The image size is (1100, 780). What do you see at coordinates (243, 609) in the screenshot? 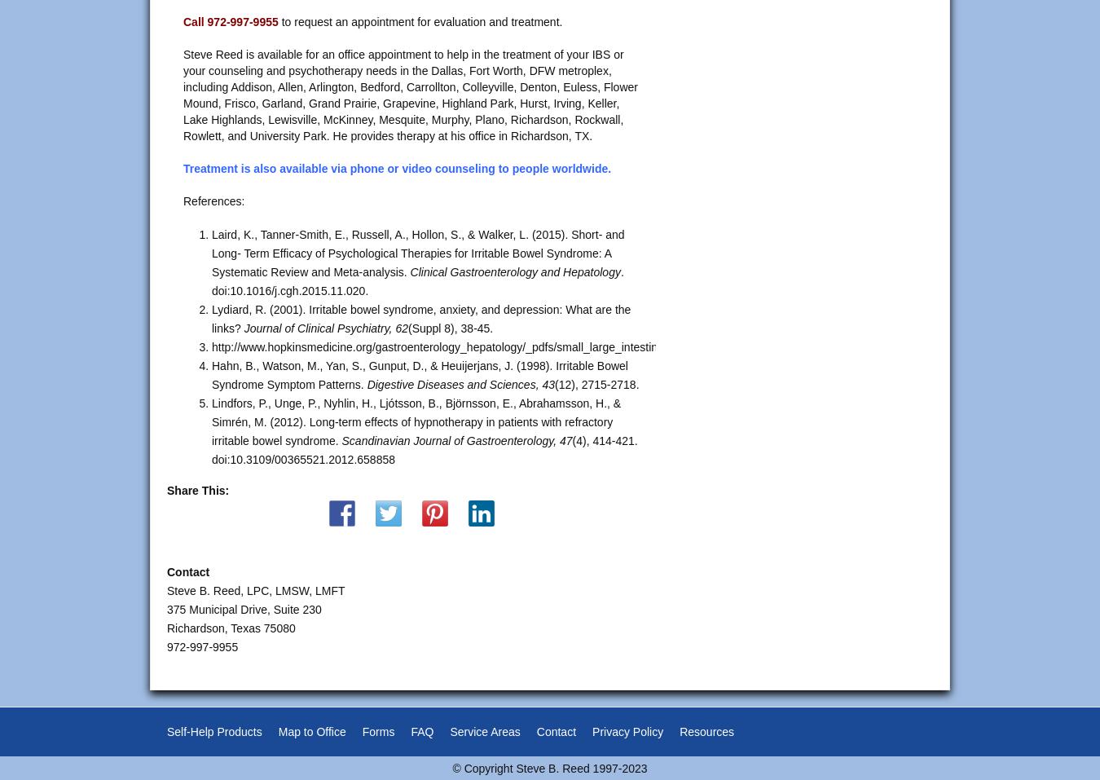
I see `'375 Municipal Drive, Suite 230'` at bounding box center [243, 609].